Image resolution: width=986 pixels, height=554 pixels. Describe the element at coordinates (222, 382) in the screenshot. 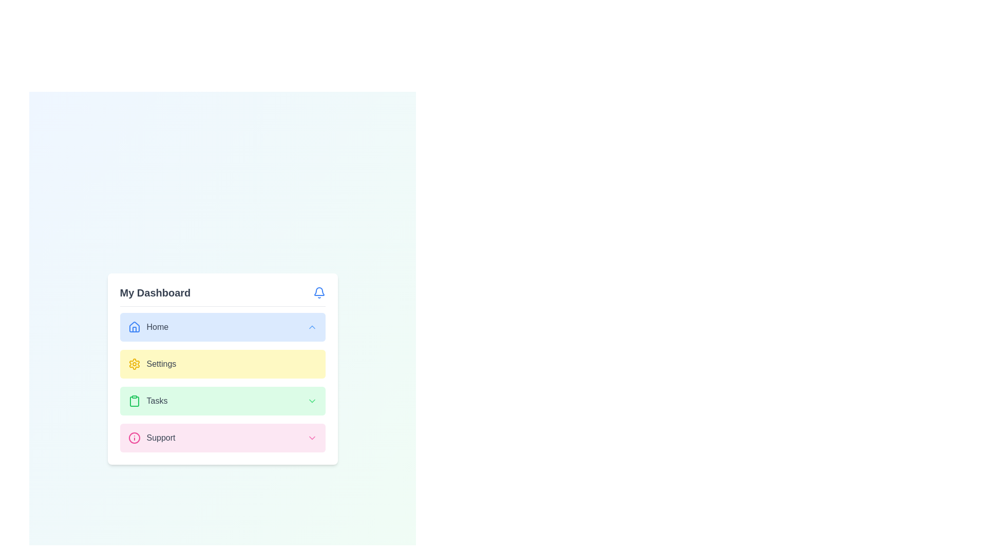

I see `the 'Settings' button located in the vertical list under 'My Dashboard' to trigger its visual effect or tooltip` at that location.